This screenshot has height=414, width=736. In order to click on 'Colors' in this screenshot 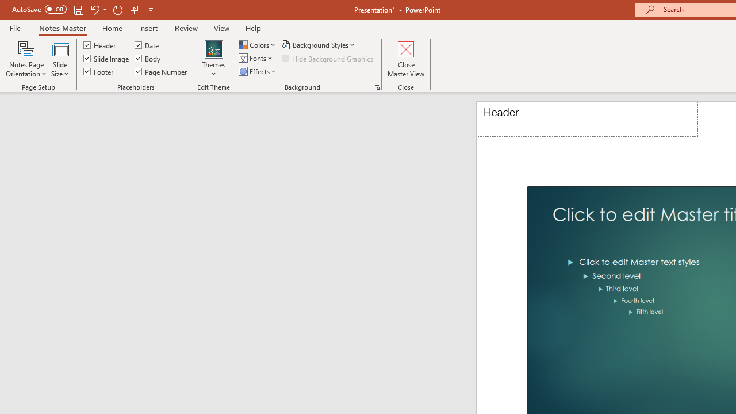, I will do `click(258, 44)`.